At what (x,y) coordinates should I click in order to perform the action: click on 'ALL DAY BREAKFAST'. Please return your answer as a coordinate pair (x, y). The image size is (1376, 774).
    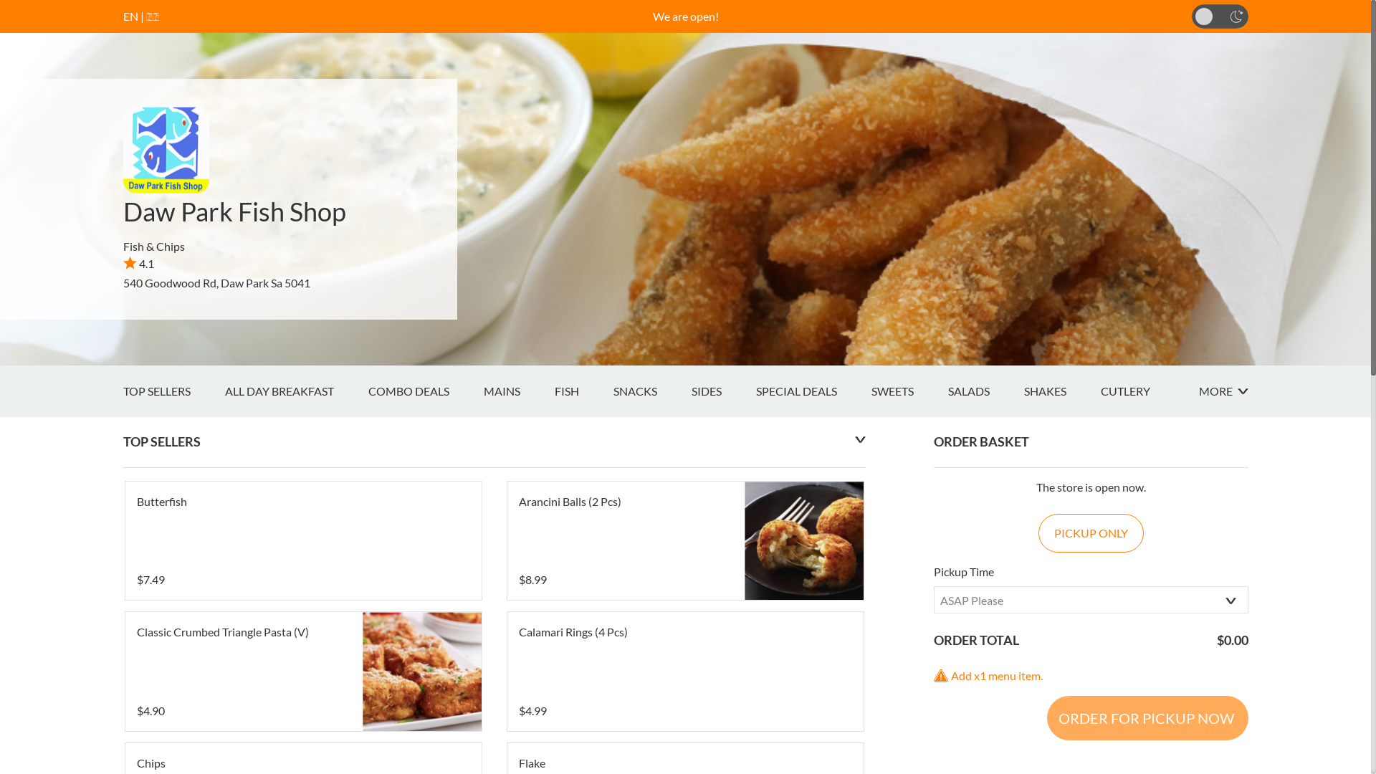
    Looking at the image, I should click on (295, 391).